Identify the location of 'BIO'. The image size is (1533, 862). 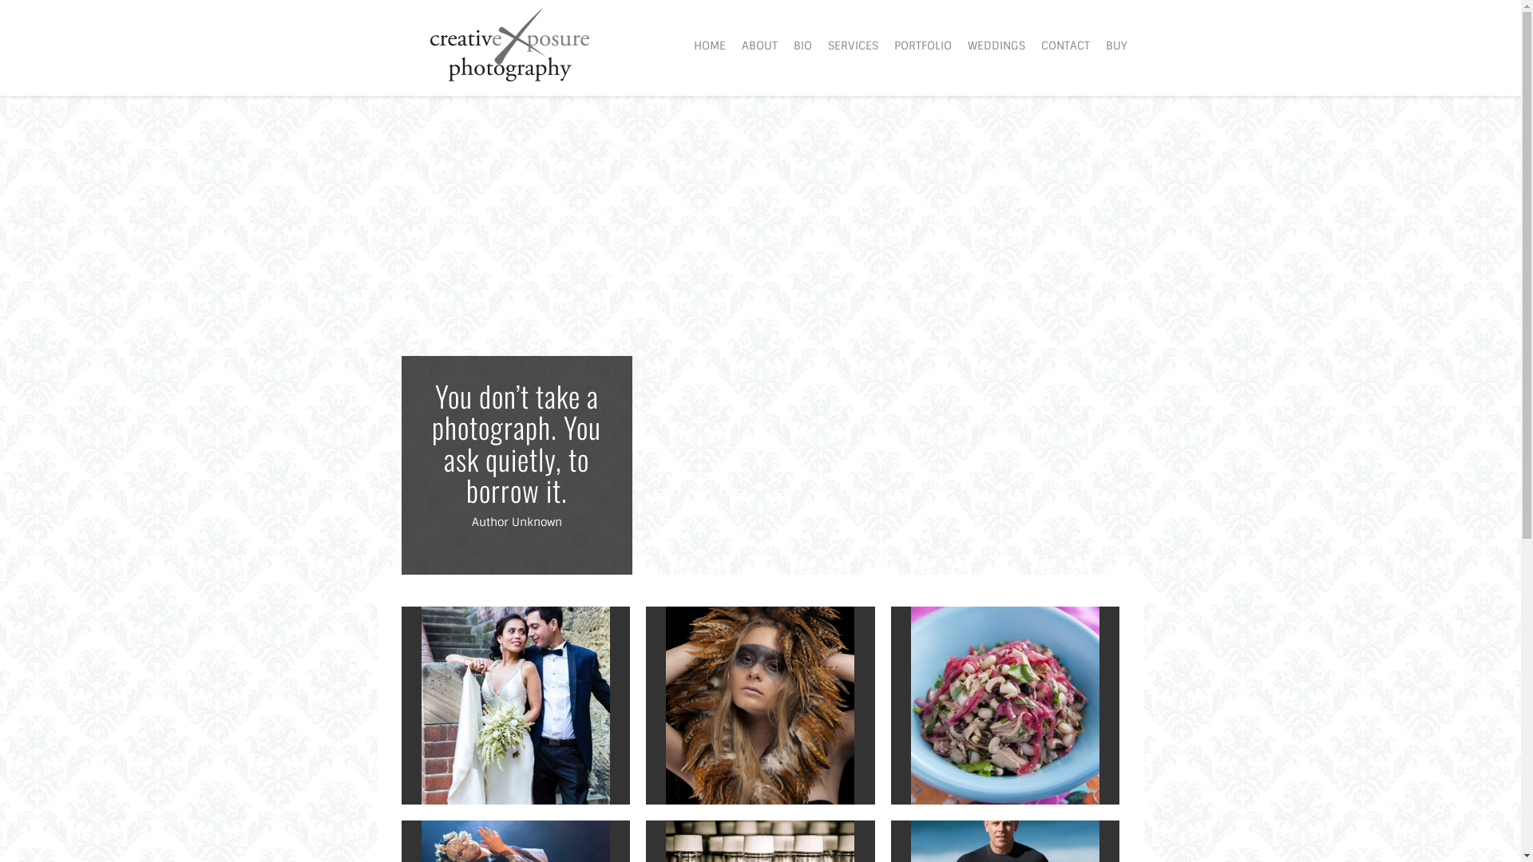
(802, 45).